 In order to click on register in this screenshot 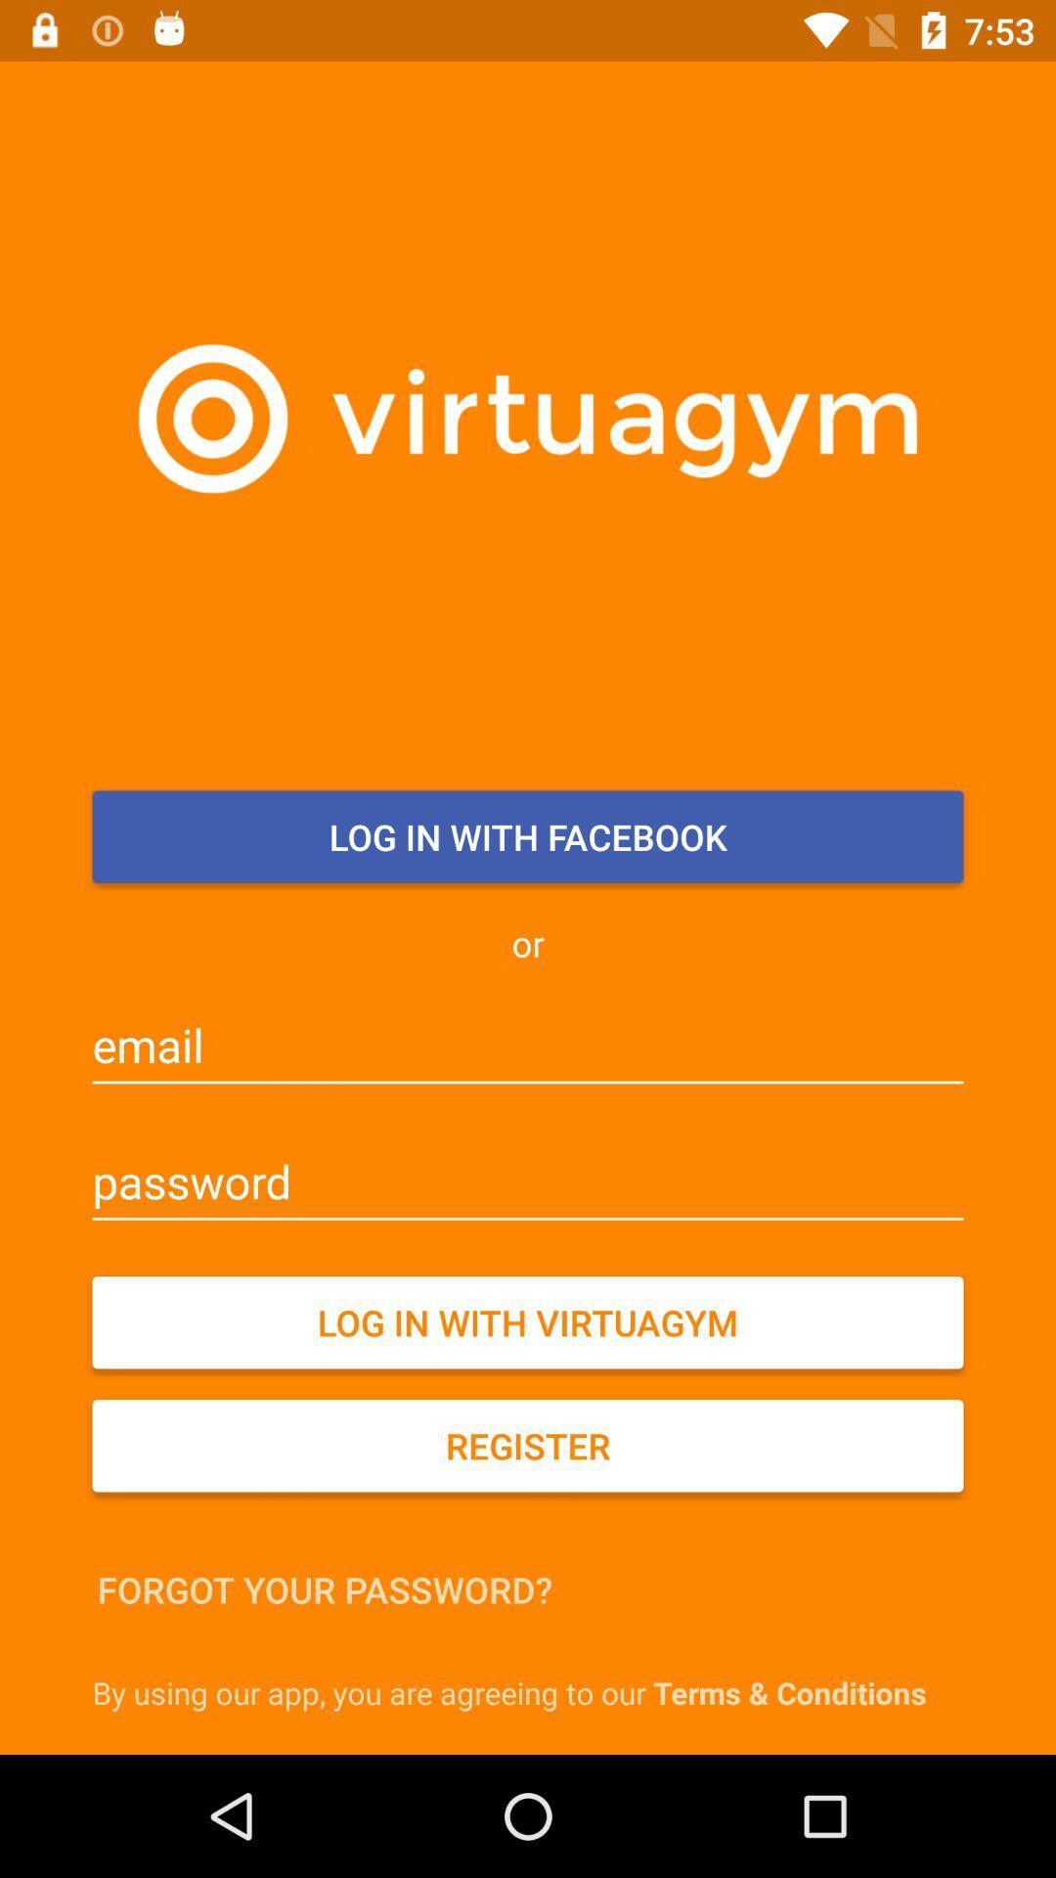, I will do `click(528, 1446)`.